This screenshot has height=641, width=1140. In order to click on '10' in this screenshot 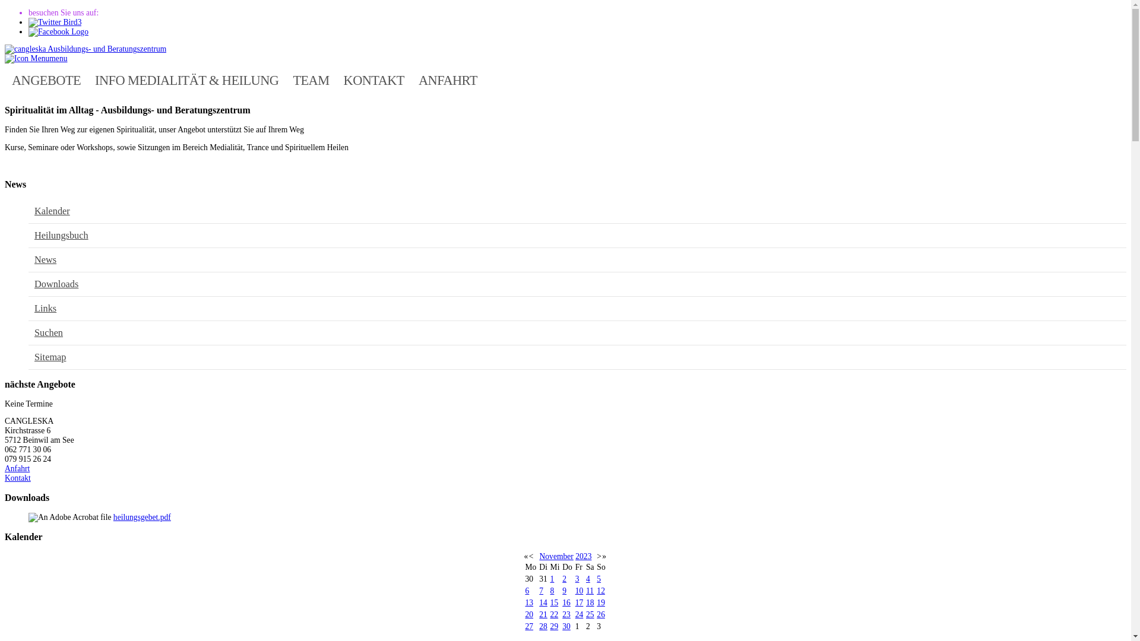, I will do `click(579, 591)`.